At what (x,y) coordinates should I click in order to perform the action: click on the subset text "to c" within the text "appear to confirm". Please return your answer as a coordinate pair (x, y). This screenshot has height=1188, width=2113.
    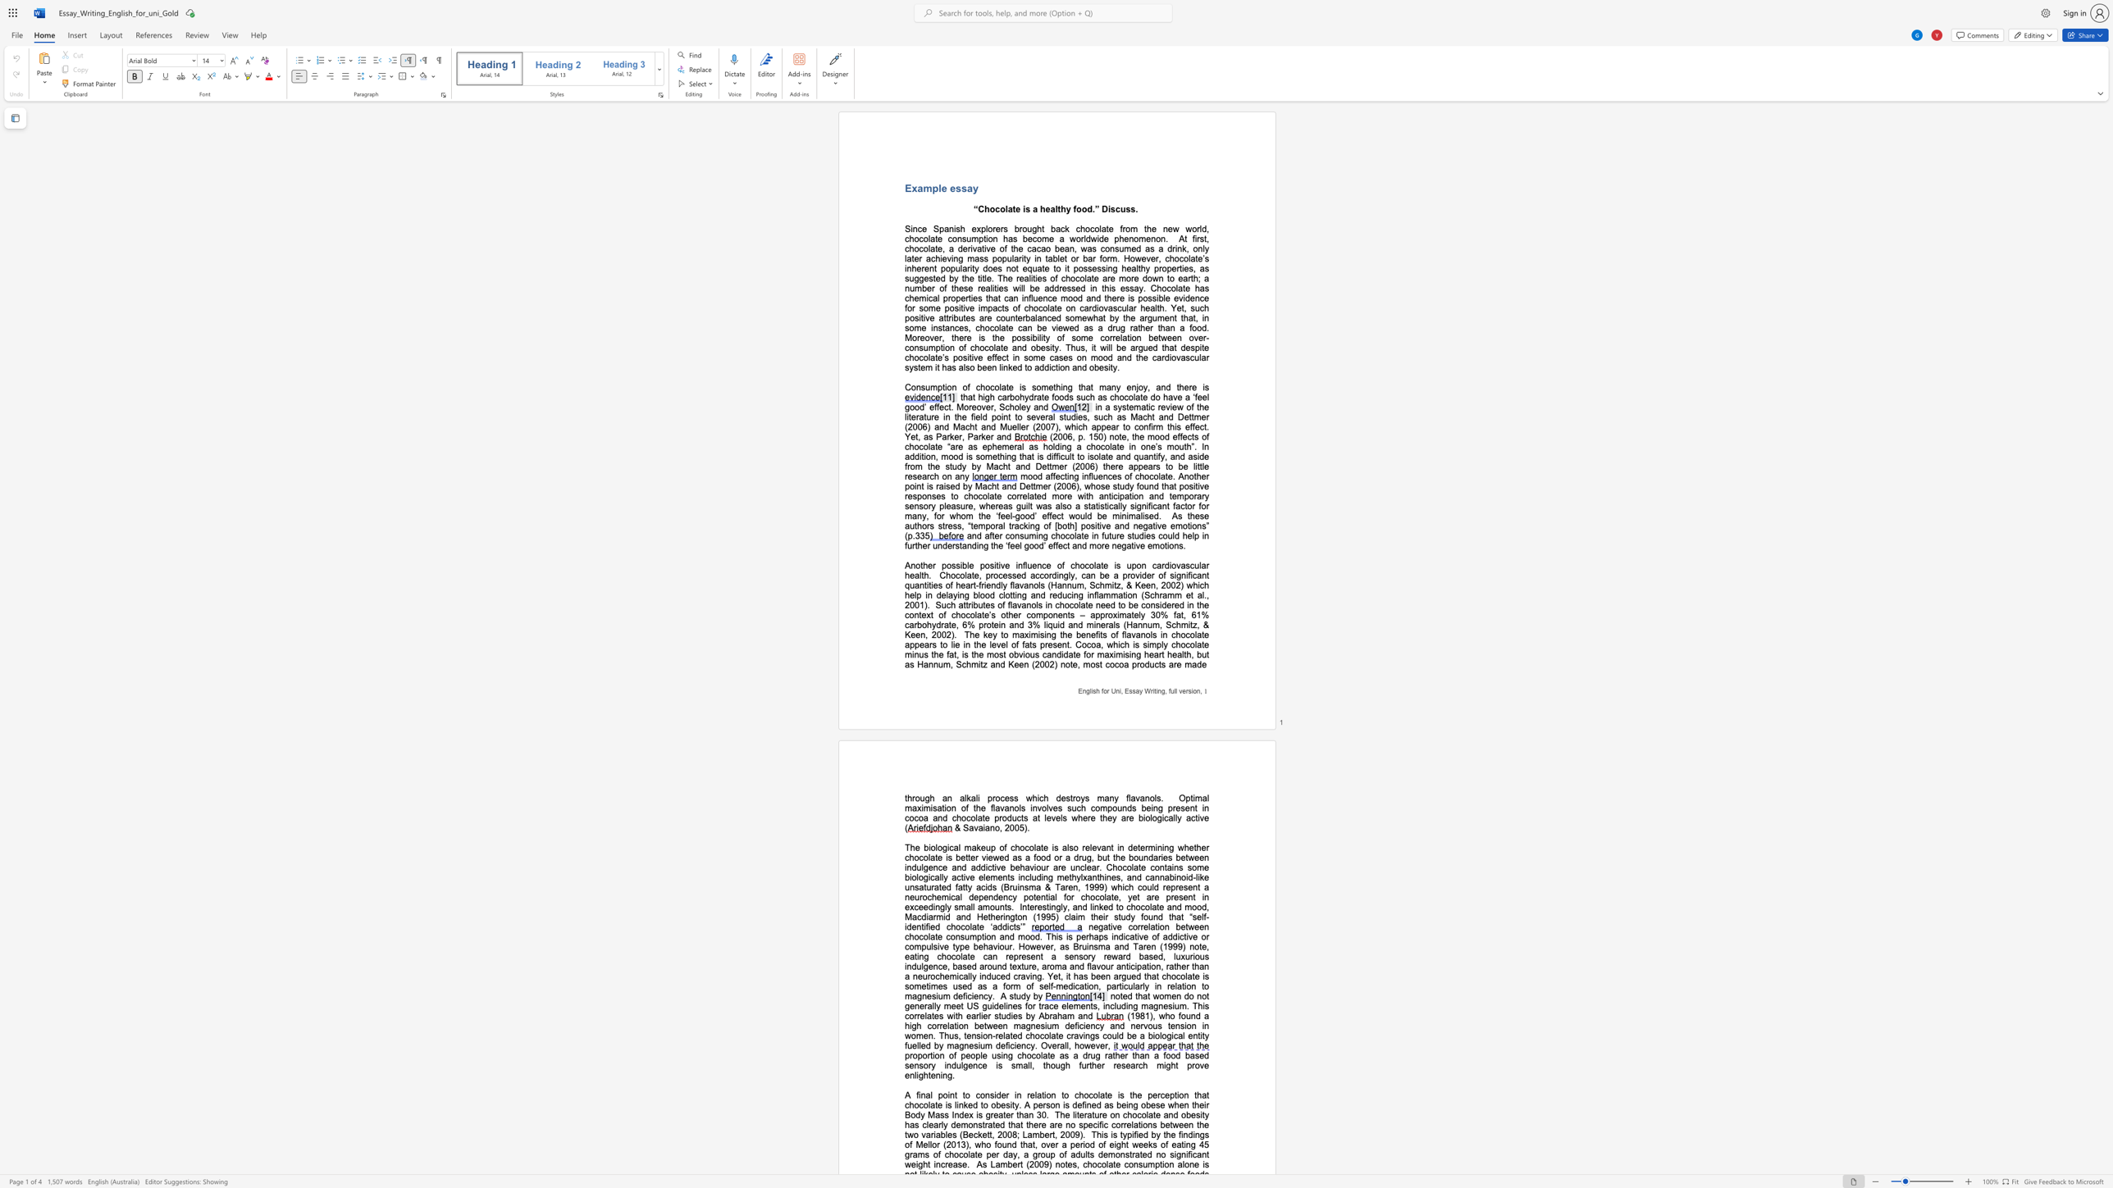
    Looking at the image, I should click on (1122, 426).